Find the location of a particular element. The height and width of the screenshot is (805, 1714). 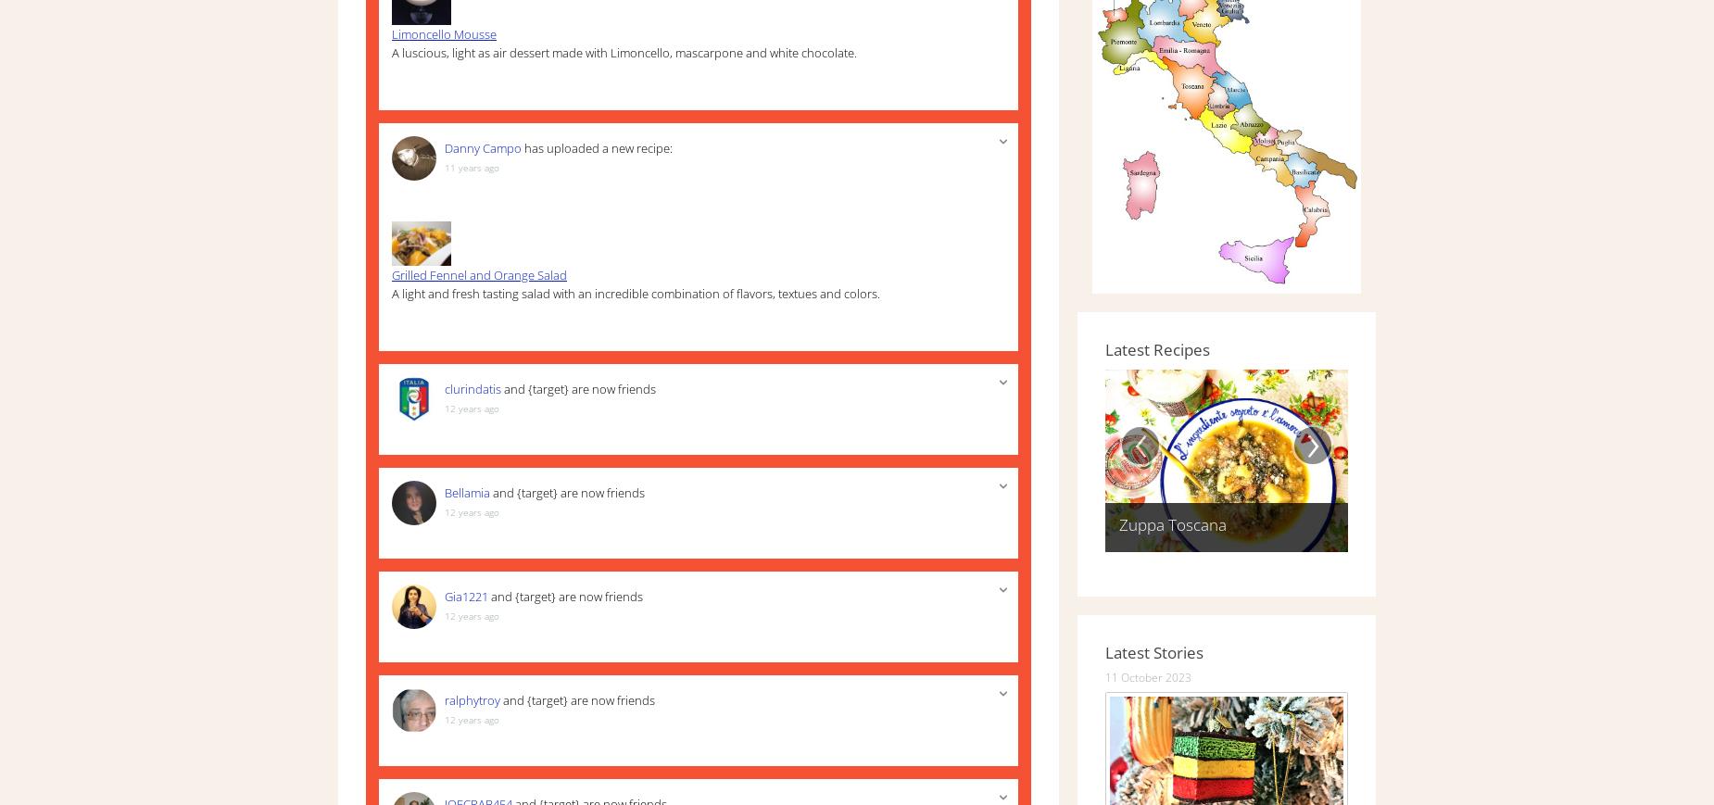

'A light and fresh tasting salad with an incredible combination of flavors, textues and colors.' is located at coordinates (390, 291).